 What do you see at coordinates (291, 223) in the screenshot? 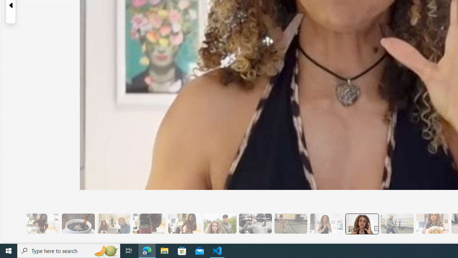
I see `'10 Then, They Do HIIT Cardio'` at bounding box center [291, 223].